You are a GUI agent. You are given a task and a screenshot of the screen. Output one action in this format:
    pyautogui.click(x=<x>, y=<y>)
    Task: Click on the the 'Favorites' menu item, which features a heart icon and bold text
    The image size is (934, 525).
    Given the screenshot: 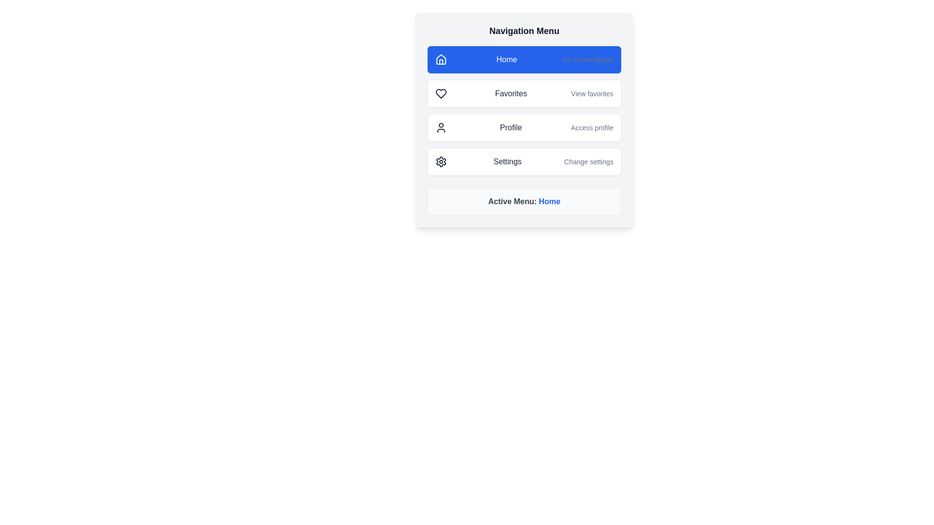 What is the action you would take?
    pyautogui.click(x=524, y=93)
    